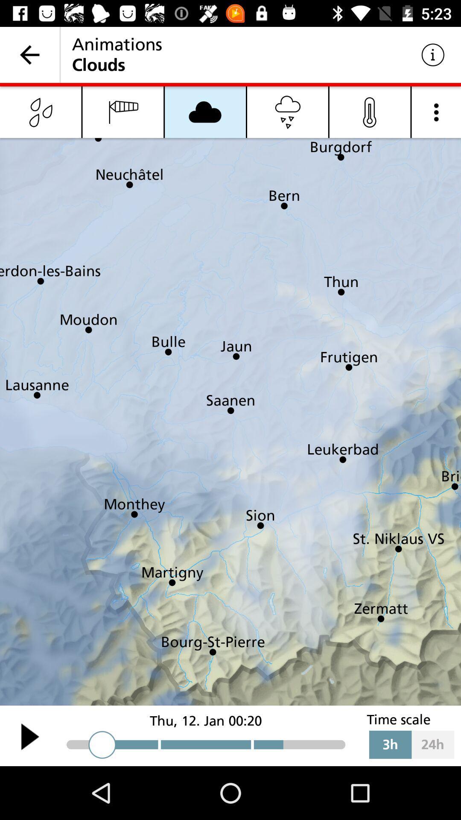 The width and height of the screenshot is (461, 820). I want to click on the item next to the animations, so click(29, 54).